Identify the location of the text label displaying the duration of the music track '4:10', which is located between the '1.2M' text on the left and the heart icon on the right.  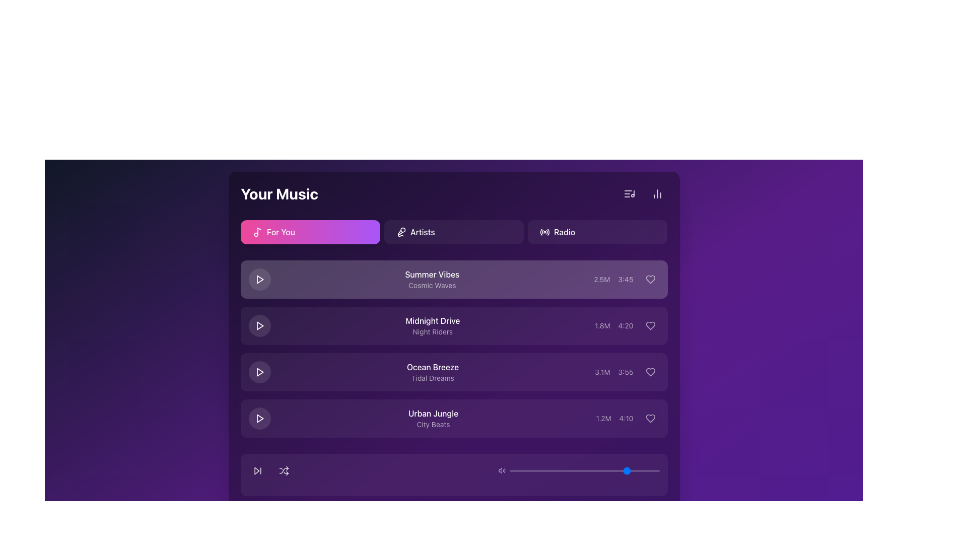
(626, 418).